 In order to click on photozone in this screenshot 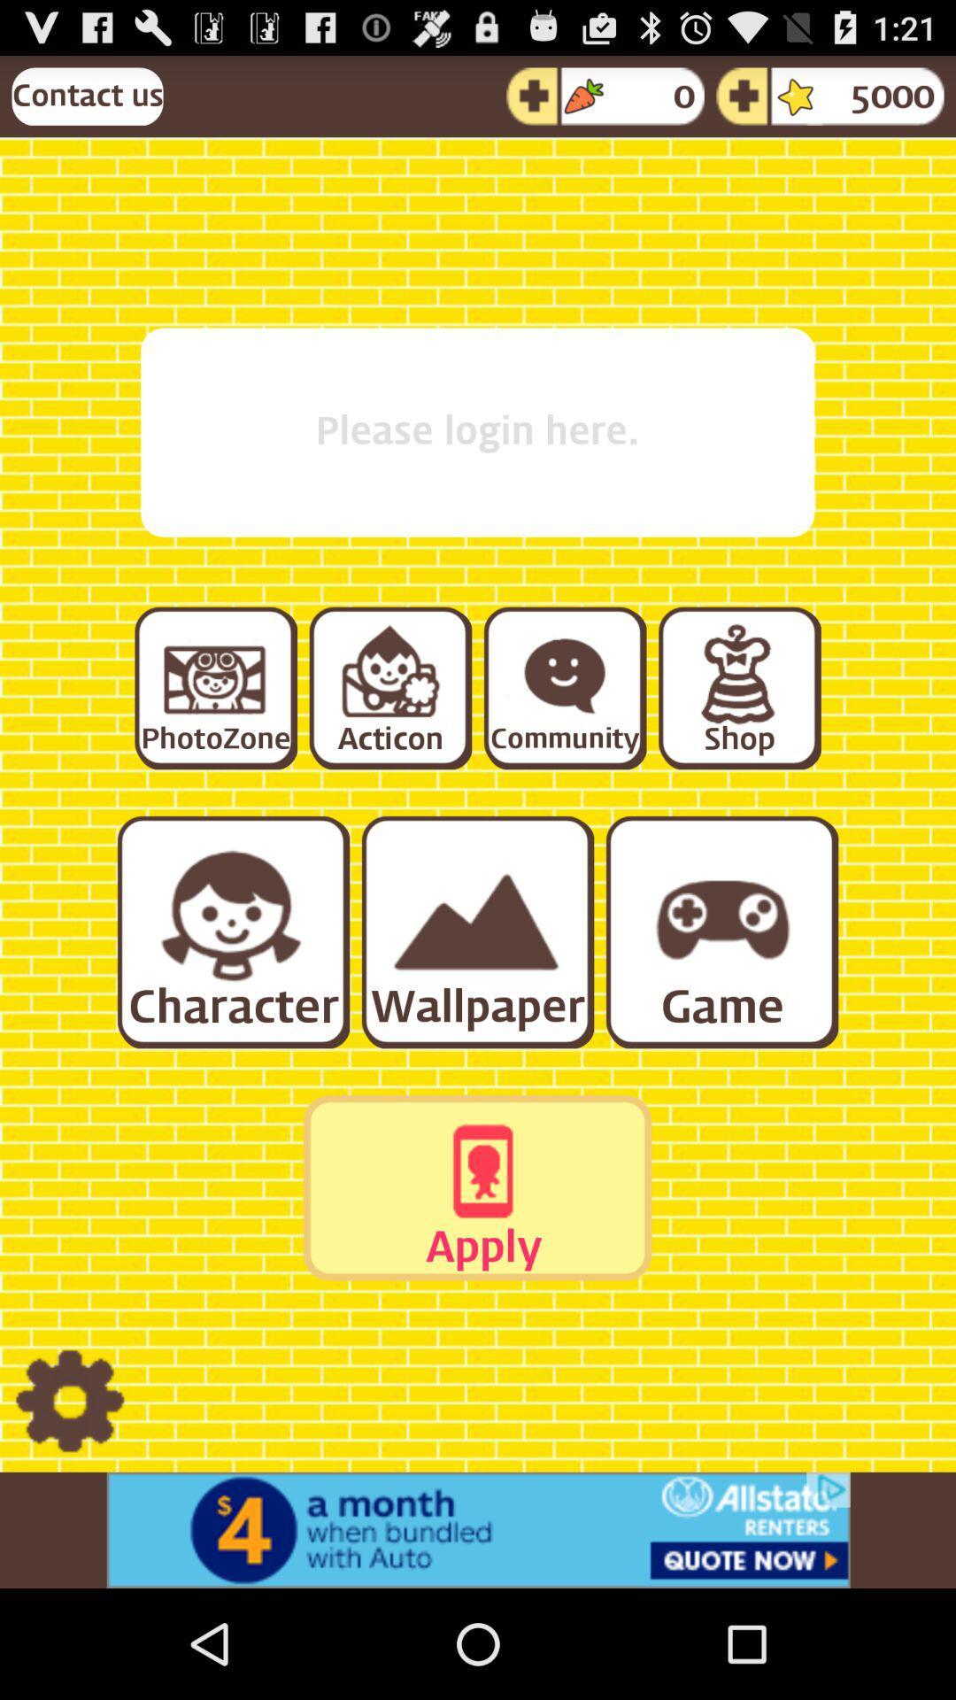, I will do `click(214, 686)`.